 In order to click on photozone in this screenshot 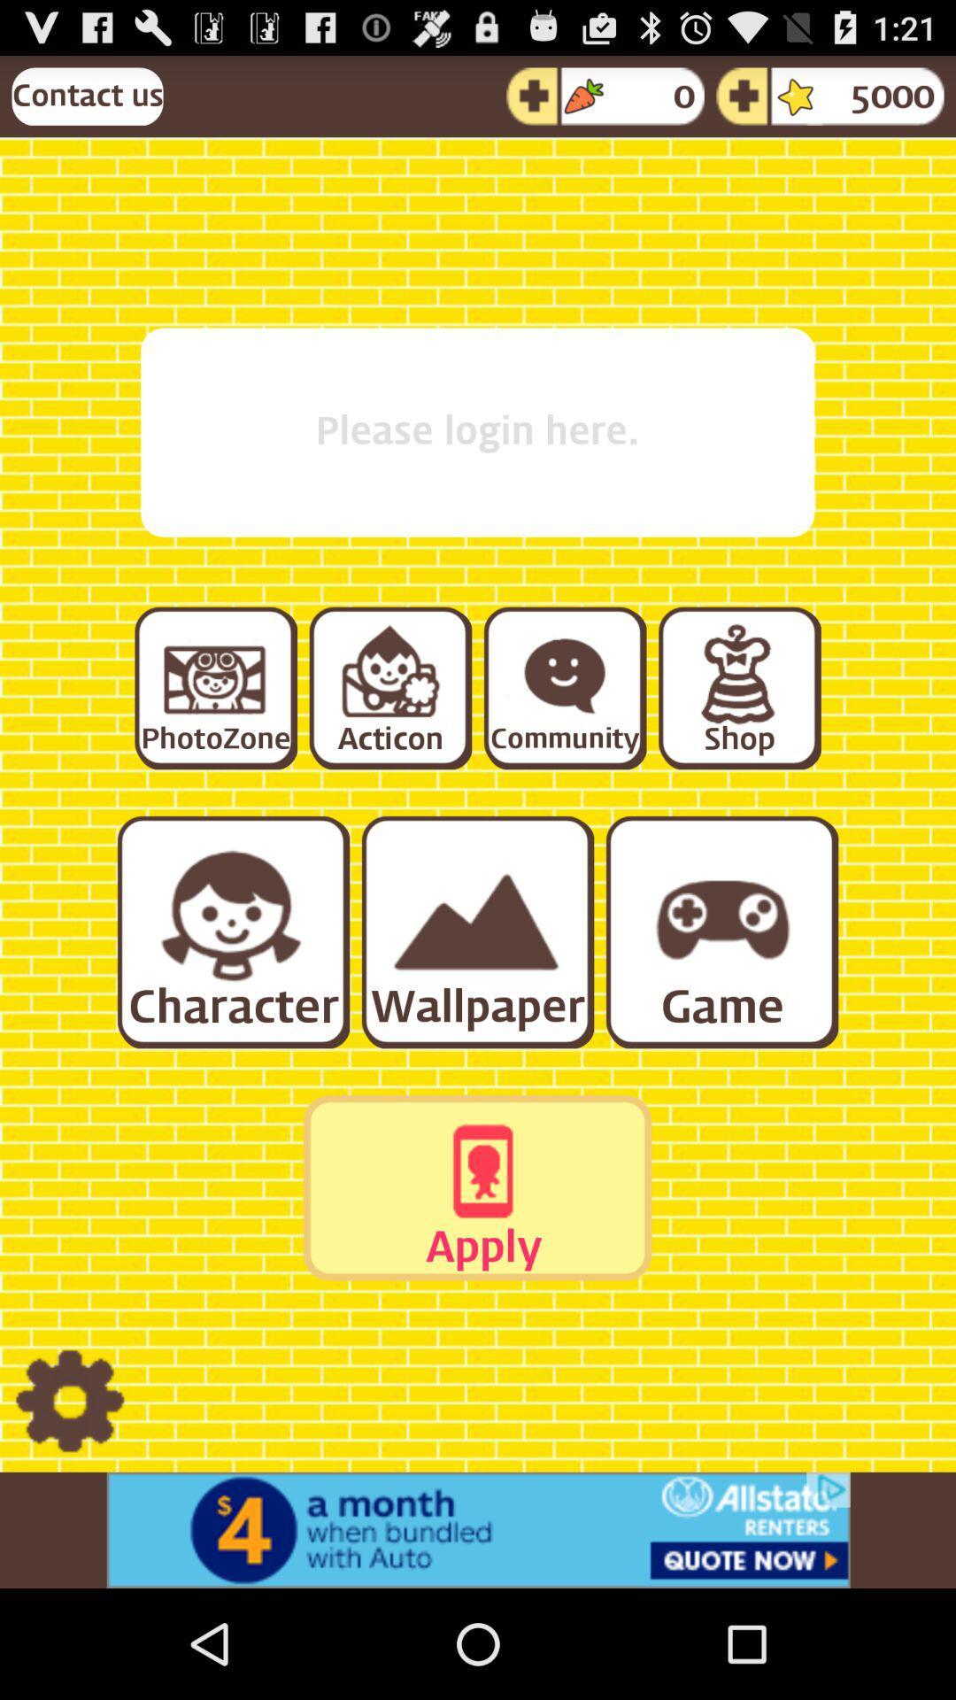, I will do `click(214, 686)`.